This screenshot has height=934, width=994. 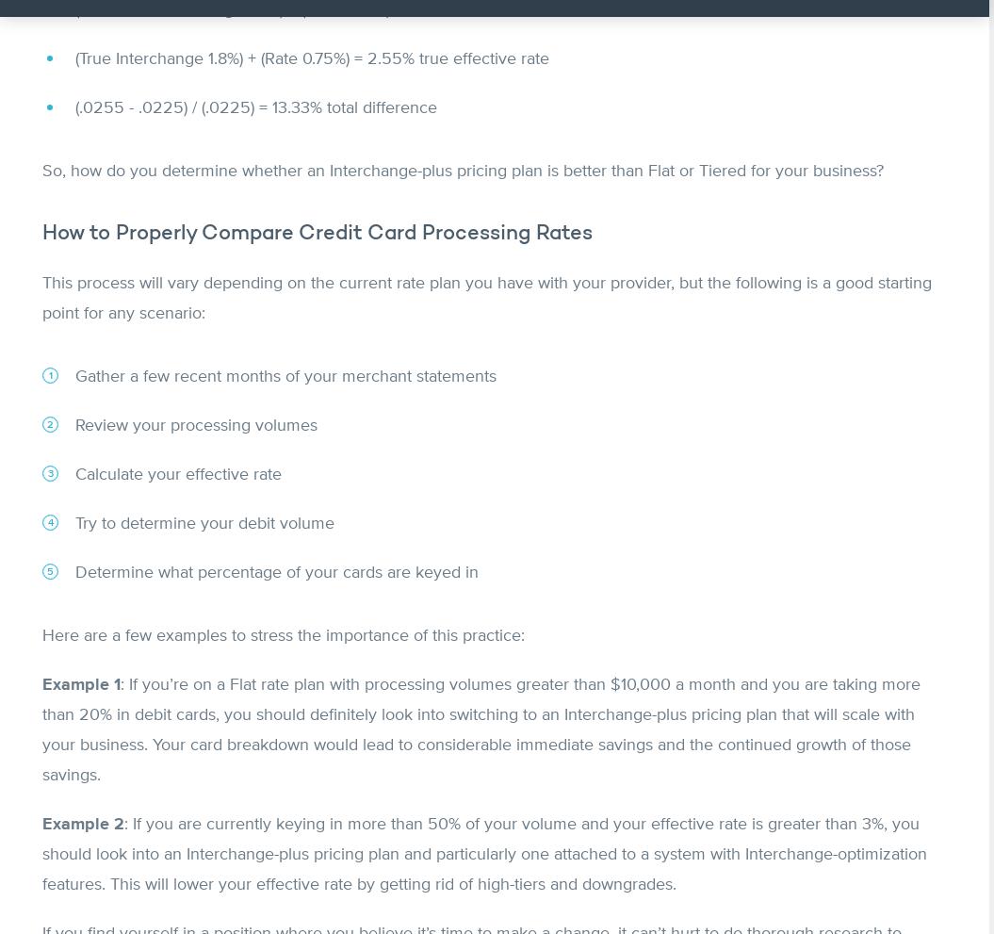 What do you see at coordinates (311, 58) in the screenshot?
I see `'(True Interchange 1.8%) + (Rate 0.75%) = 2.55% true effective rate'` at bounding box center [311, 58].